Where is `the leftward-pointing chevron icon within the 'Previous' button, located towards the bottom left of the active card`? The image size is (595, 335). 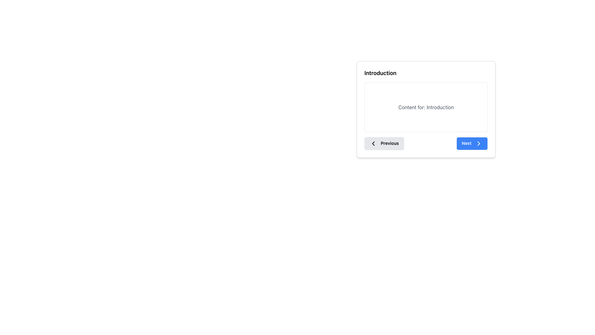 the leftward-pointing chevron icon within the 'Previous' button, located towards the bottom left of the active card is located at coordinates (373, 143).